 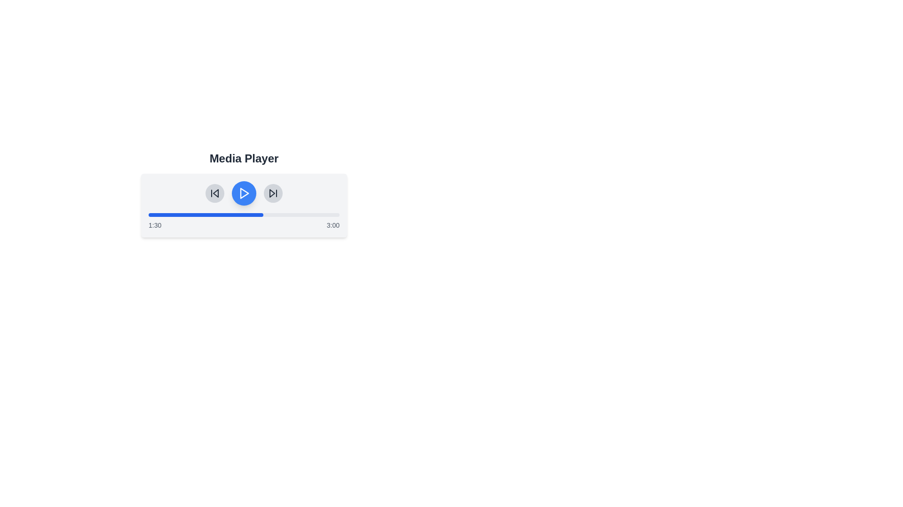 What do you see at coordinates (155, 225) in the screenshot?
I see `the plain text displaying '1:30' located at the bottom-left corner of the media player's progress bar` at bounding box center [155, 225].